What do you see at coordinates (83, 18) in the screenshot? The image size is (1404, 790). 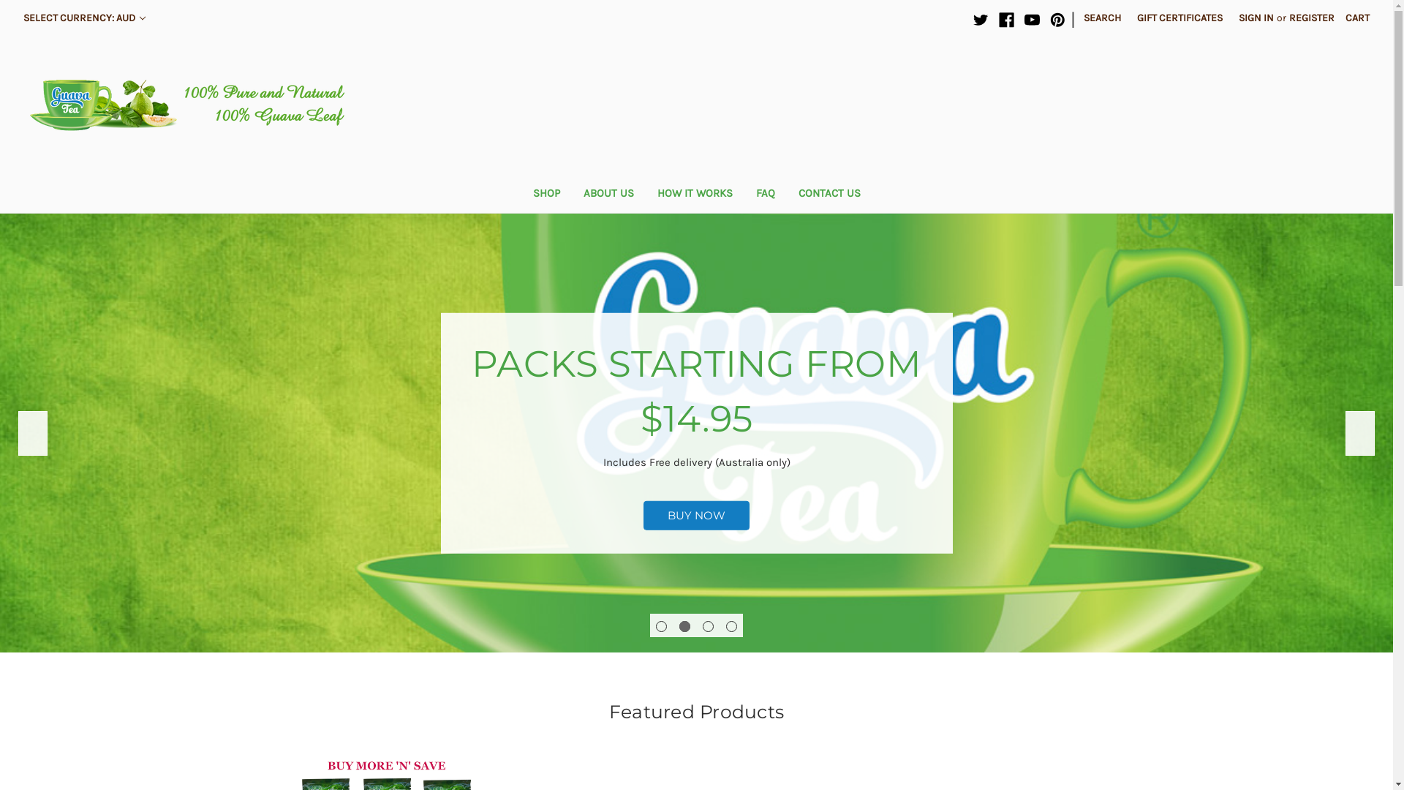 I see `'SELECT CURRENCY: AUD'` at bounding box center [83, 18].